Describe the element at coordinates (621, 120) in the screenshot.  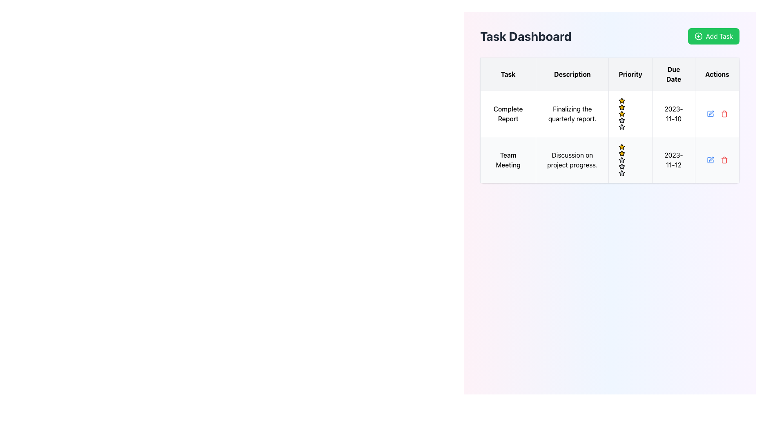
I see `the fifth star icon in the vertical group of stars in the 'Priority' column, located in the second row of the table` at that location.